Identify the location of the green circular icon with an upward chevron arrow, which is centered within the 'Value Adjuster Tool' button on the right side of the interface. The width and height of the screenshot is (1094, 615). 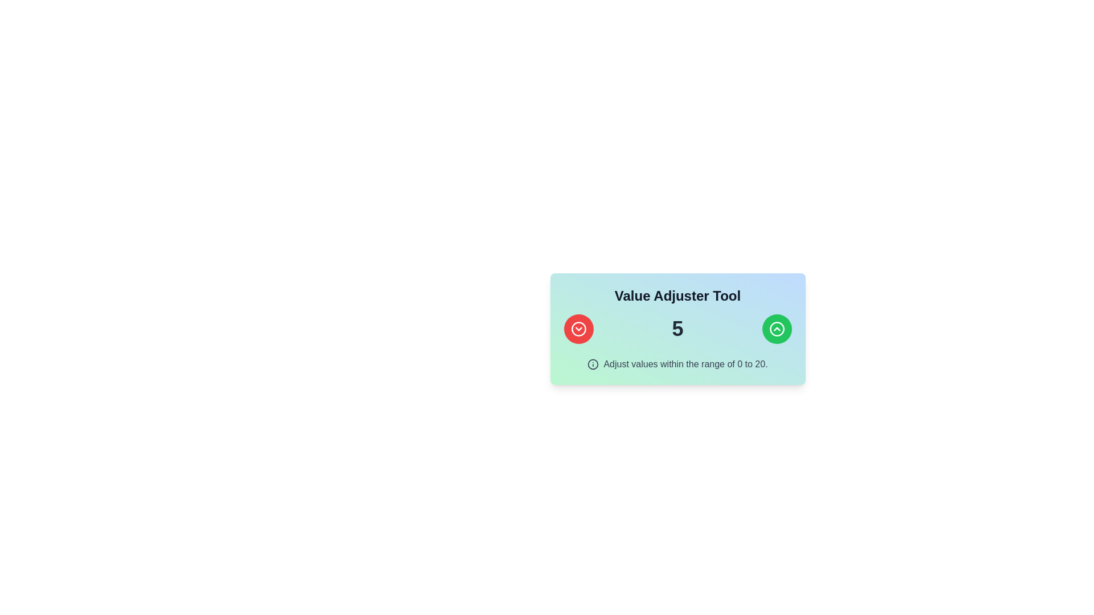
(776, 329).